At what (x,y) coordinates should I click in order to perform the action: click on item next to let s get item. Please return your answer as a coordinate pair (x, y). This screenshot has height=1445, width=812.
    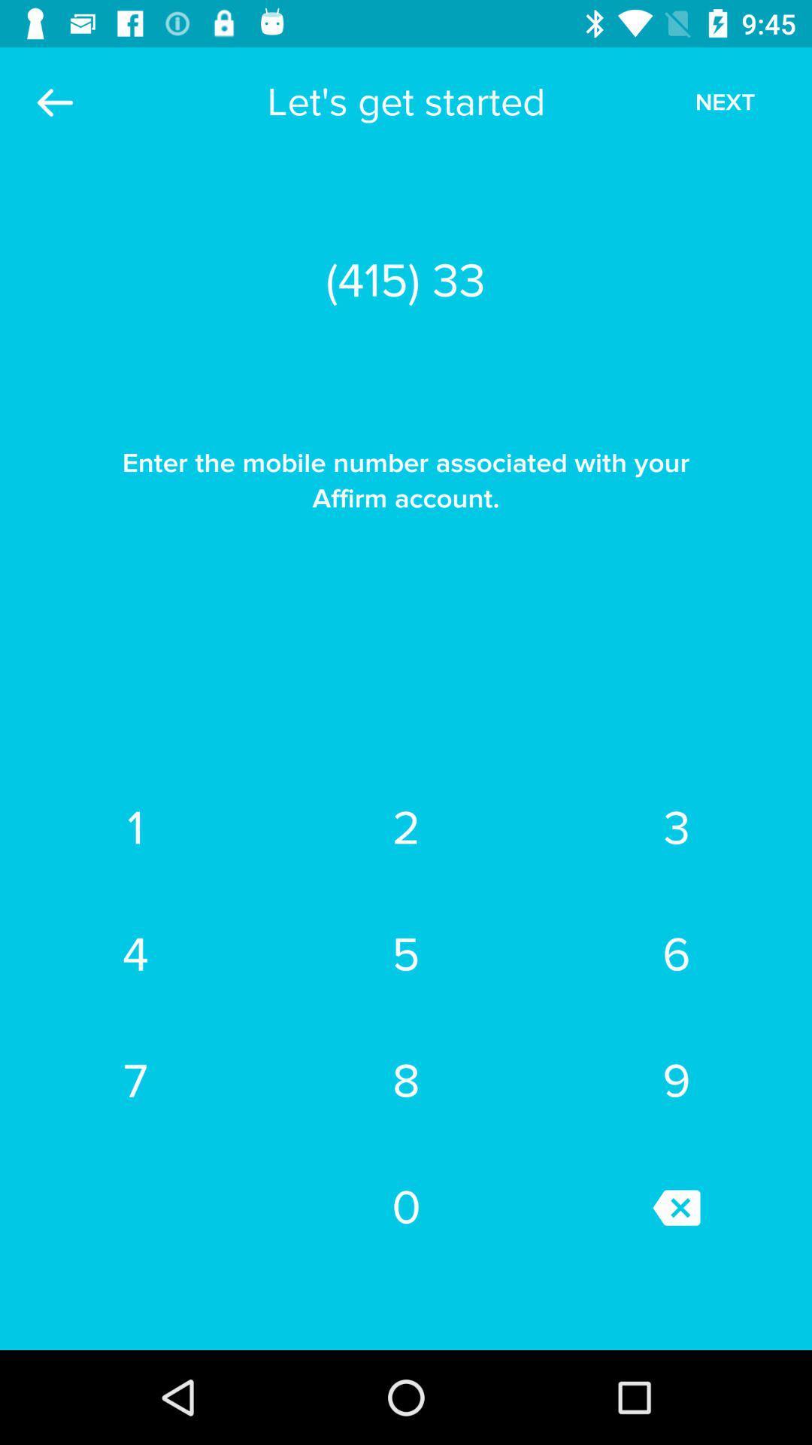
    Looking at the image, I should click on (724, 102).